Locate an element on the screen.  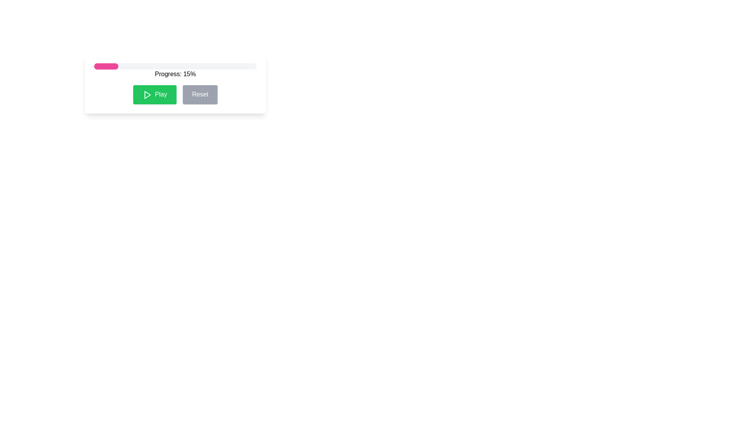
the reset button located to the right of the 'Play' button is located at coordinates (200, 94).